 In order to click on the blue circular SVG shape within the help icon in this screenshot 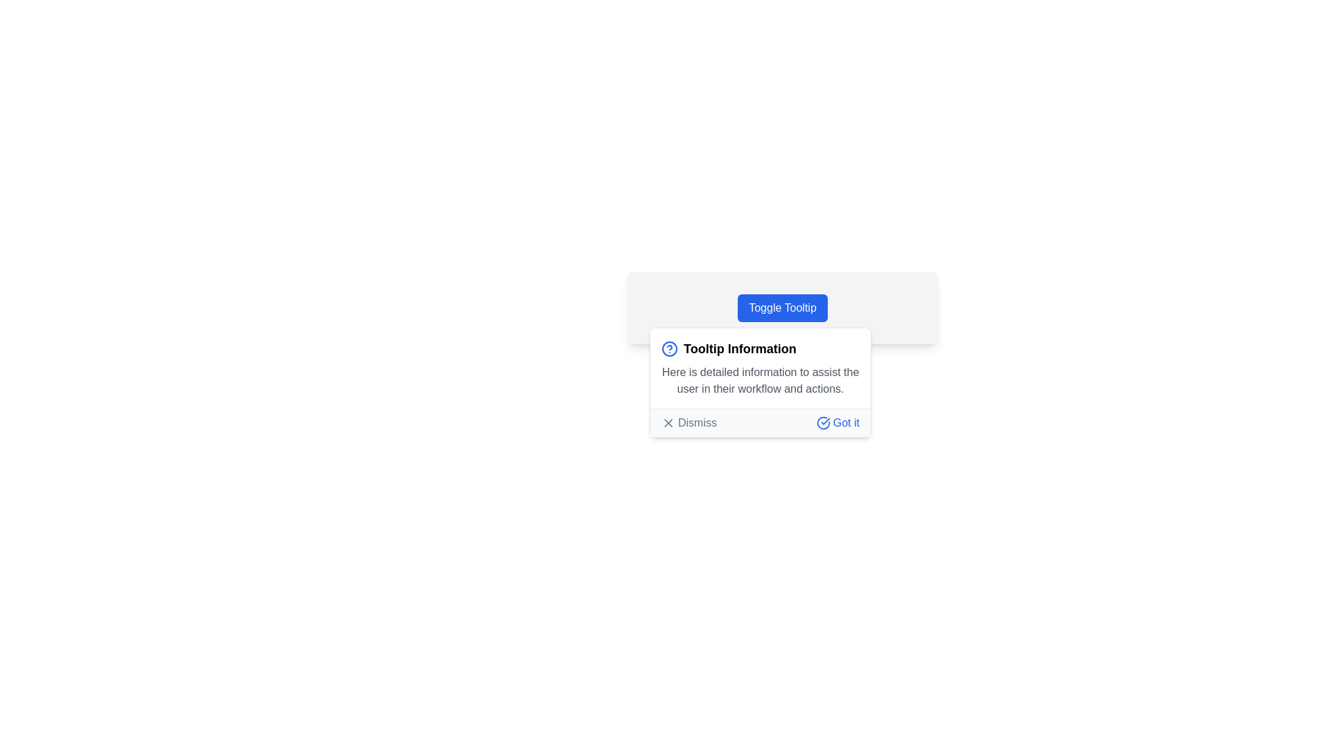, I will do `click(669, 348)`.